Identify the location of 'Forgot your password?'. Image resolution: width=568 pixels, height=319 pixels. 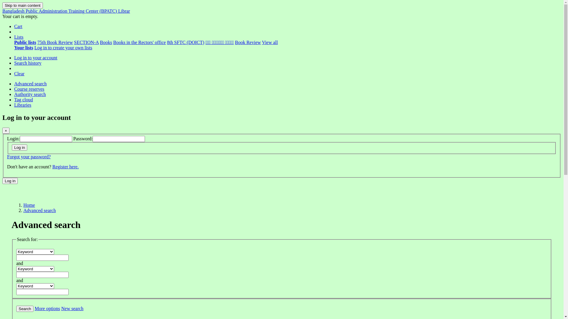
(7, 156).